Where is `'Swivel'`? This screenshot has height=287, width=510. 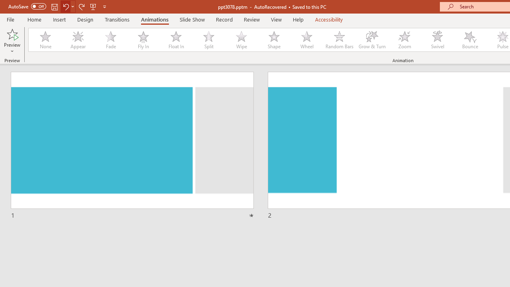
'Swivel' is located at coordinates (437, 40).